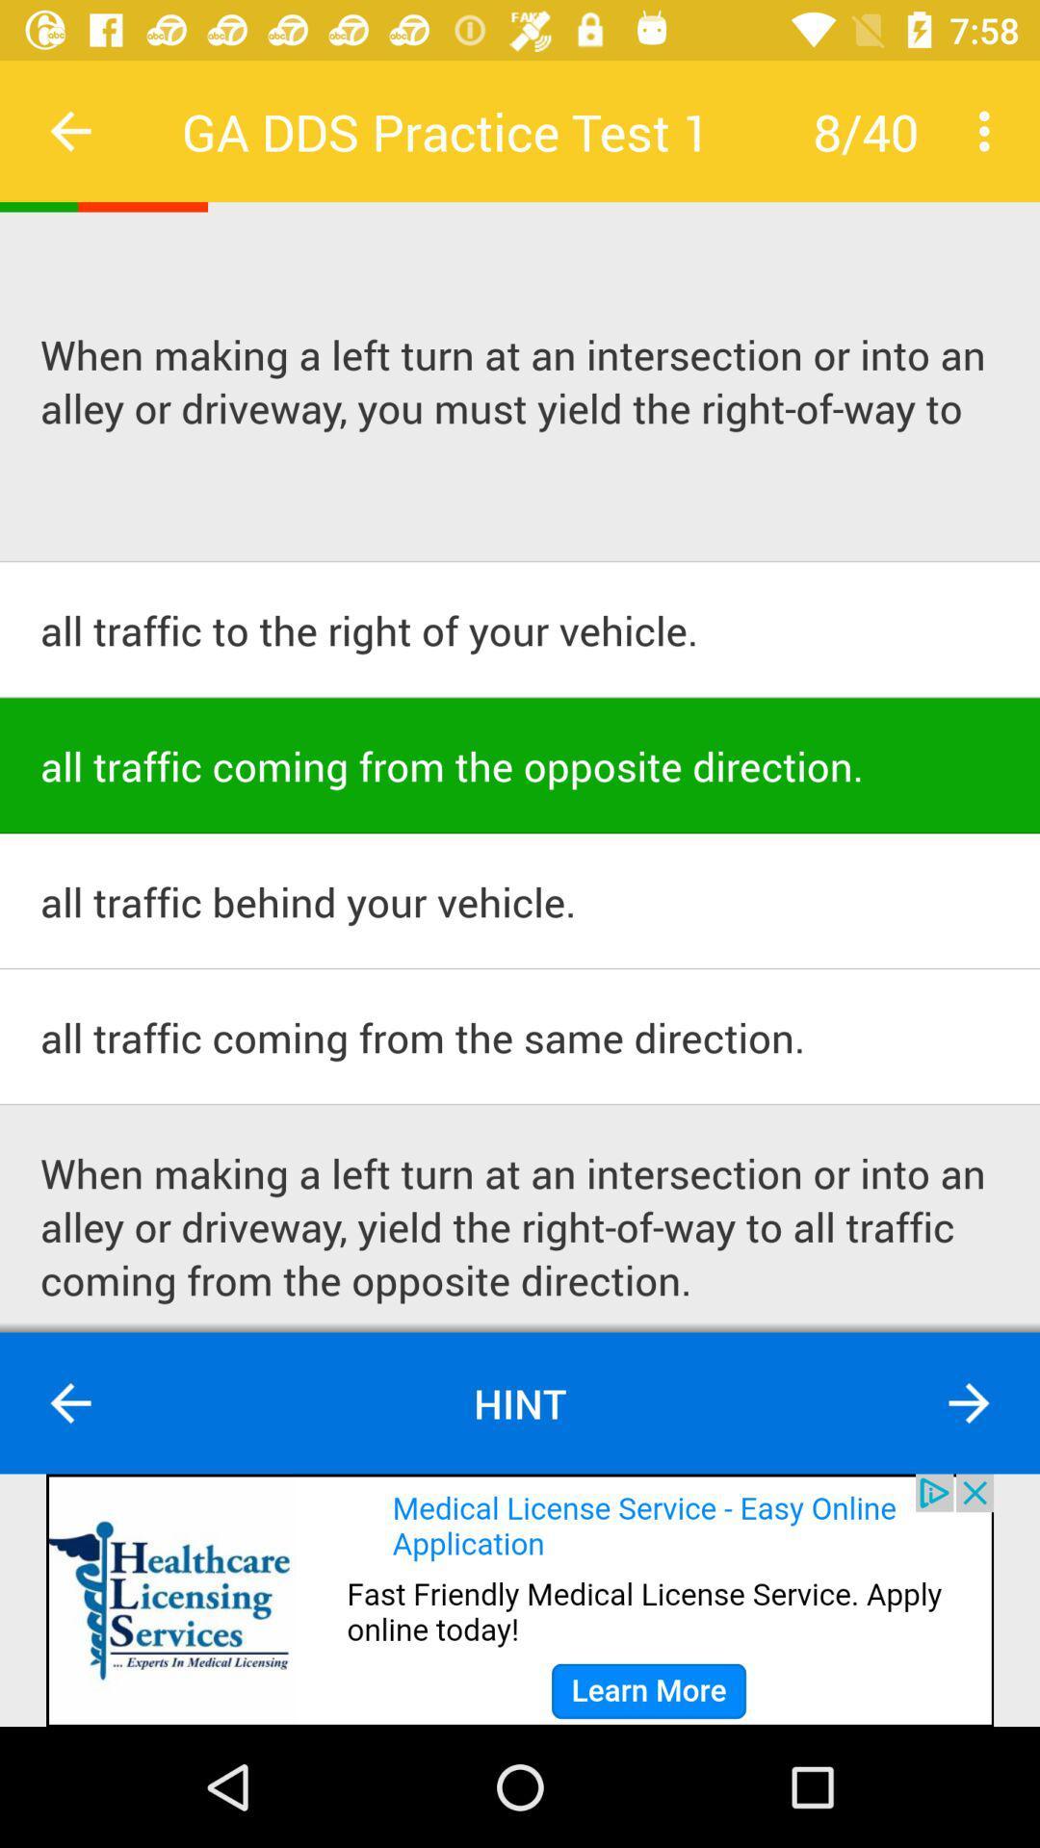 This screenshot has width=1040, height=1848. I want to click on the arrow_backward icon, so click(69, 1403).